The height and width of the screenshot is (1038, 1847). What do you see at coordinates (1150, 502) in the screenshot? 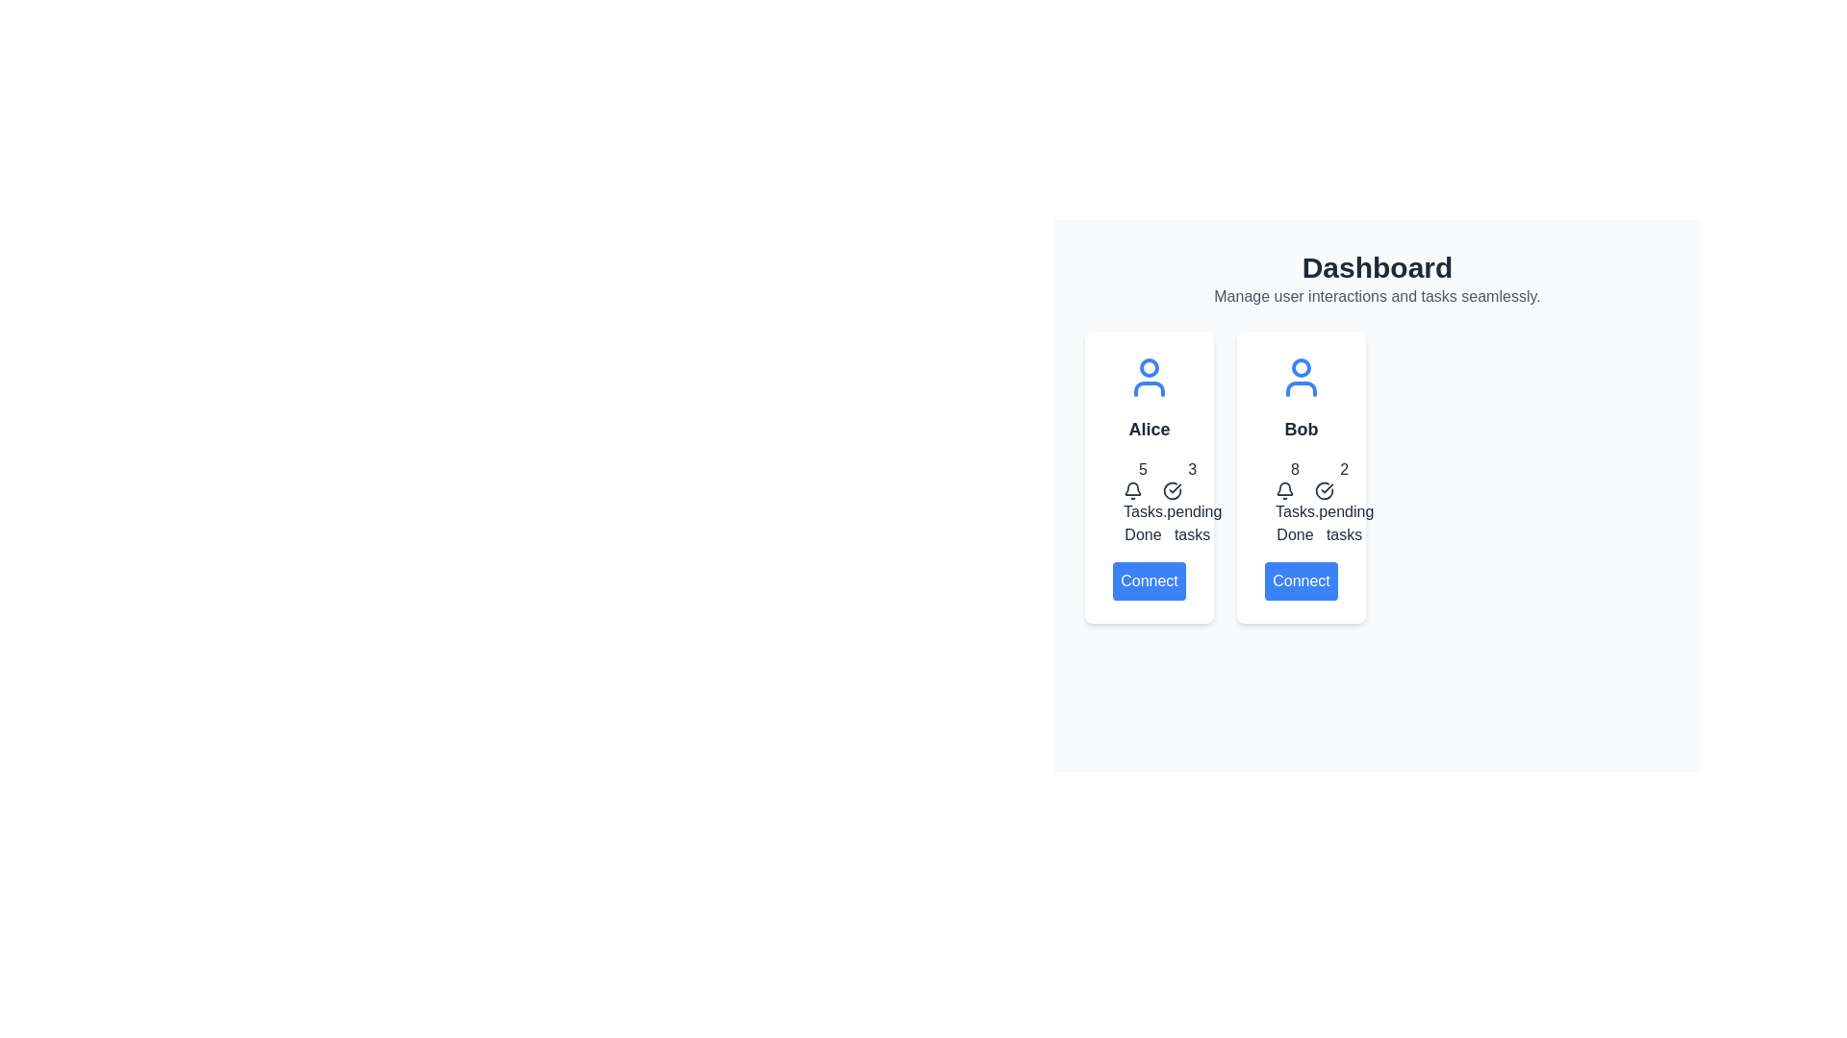
I see `the informational display showing '5' tasks done and '3' pending tasks, located in the card for 'Alice'` at bounding box center [1150, 502].